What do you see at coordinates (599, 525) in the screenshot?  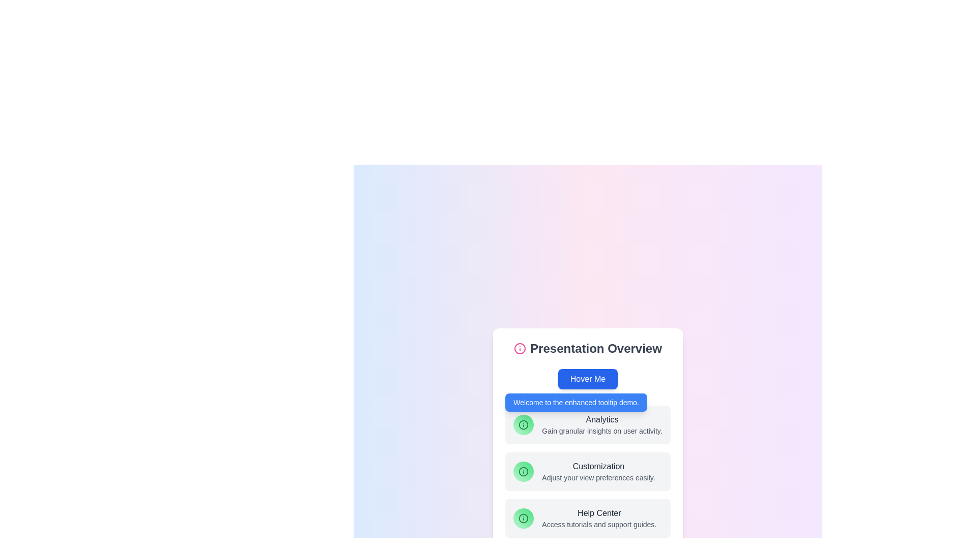 I see `the explanatory text label located below the 'Help Center' title within the 'Help Center' group, which provides additional contextual information` at bounding box center [599, 525].